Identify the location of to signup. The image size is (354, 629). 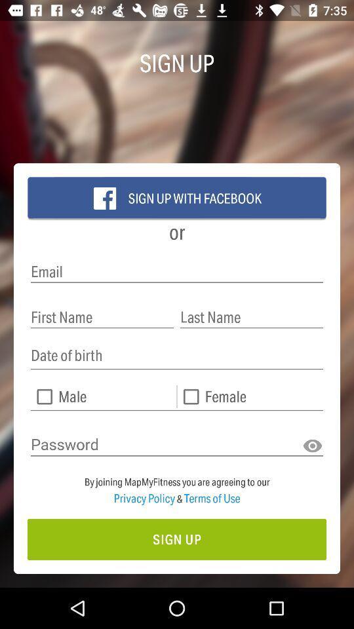
(177, 539).